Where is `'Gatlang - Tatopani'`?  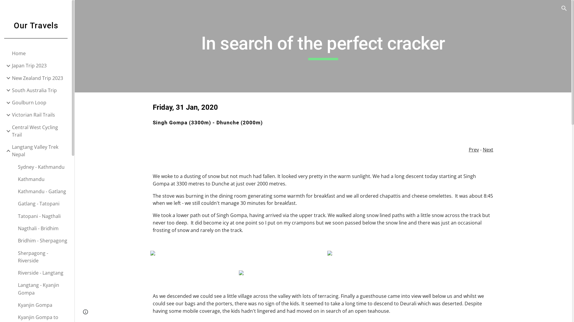 'Gatlang - Tatopani' is located at coordinates (42, 203).